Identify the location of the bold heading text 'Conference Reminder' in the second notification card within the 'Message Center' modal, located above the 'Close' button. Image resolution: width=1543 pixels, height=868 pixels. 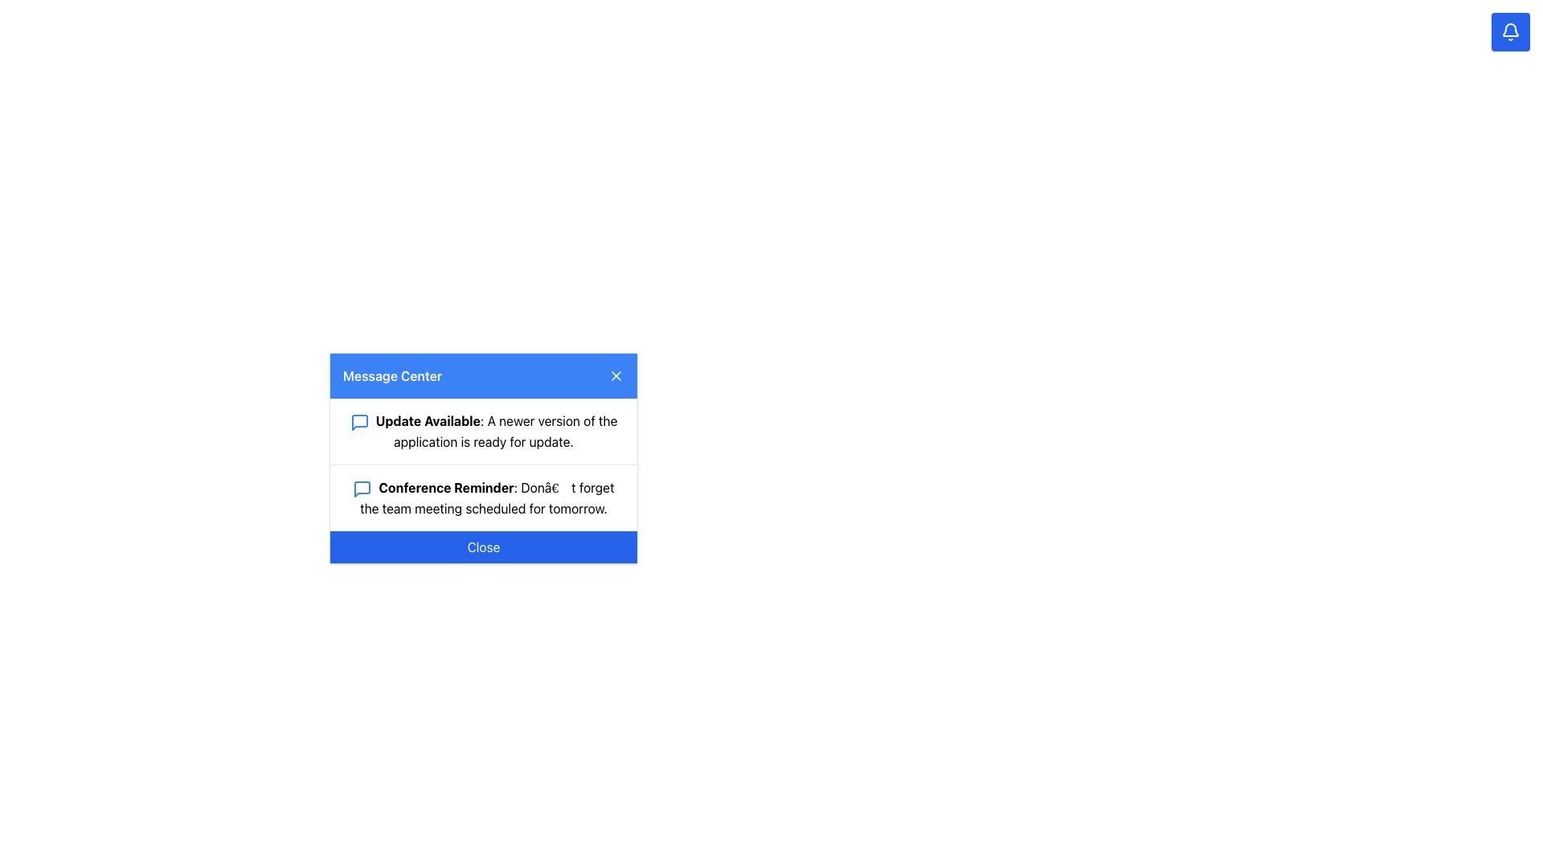
(446, 486).